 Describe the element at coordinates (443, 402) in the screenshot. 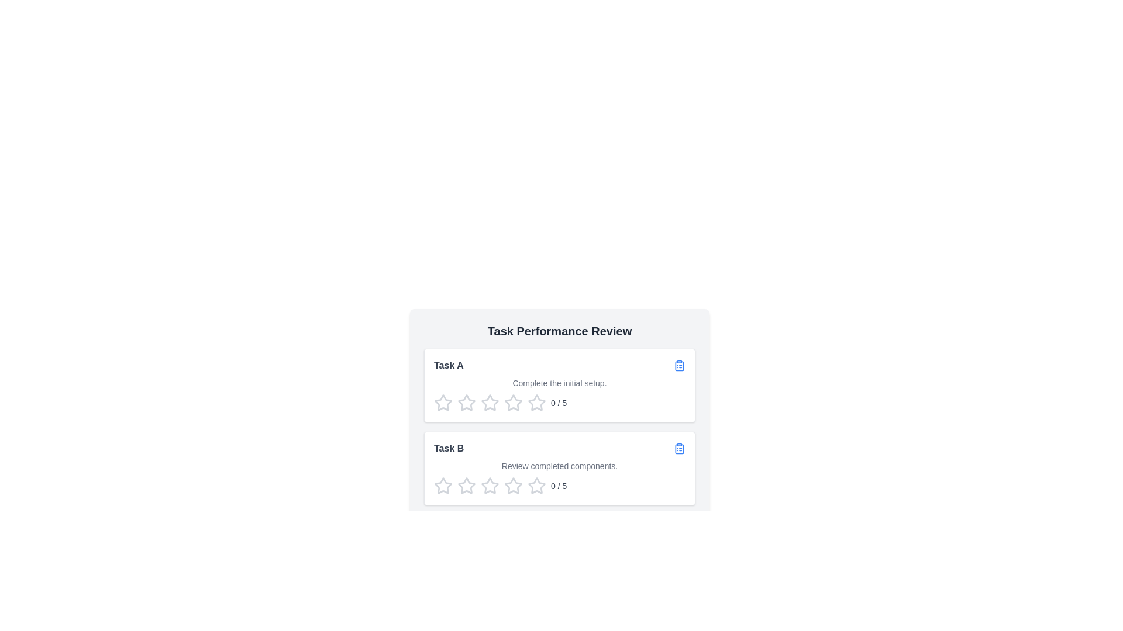

I see `the first star-shaped rating icon under the label 'Task A' in the performance review card` at that location.